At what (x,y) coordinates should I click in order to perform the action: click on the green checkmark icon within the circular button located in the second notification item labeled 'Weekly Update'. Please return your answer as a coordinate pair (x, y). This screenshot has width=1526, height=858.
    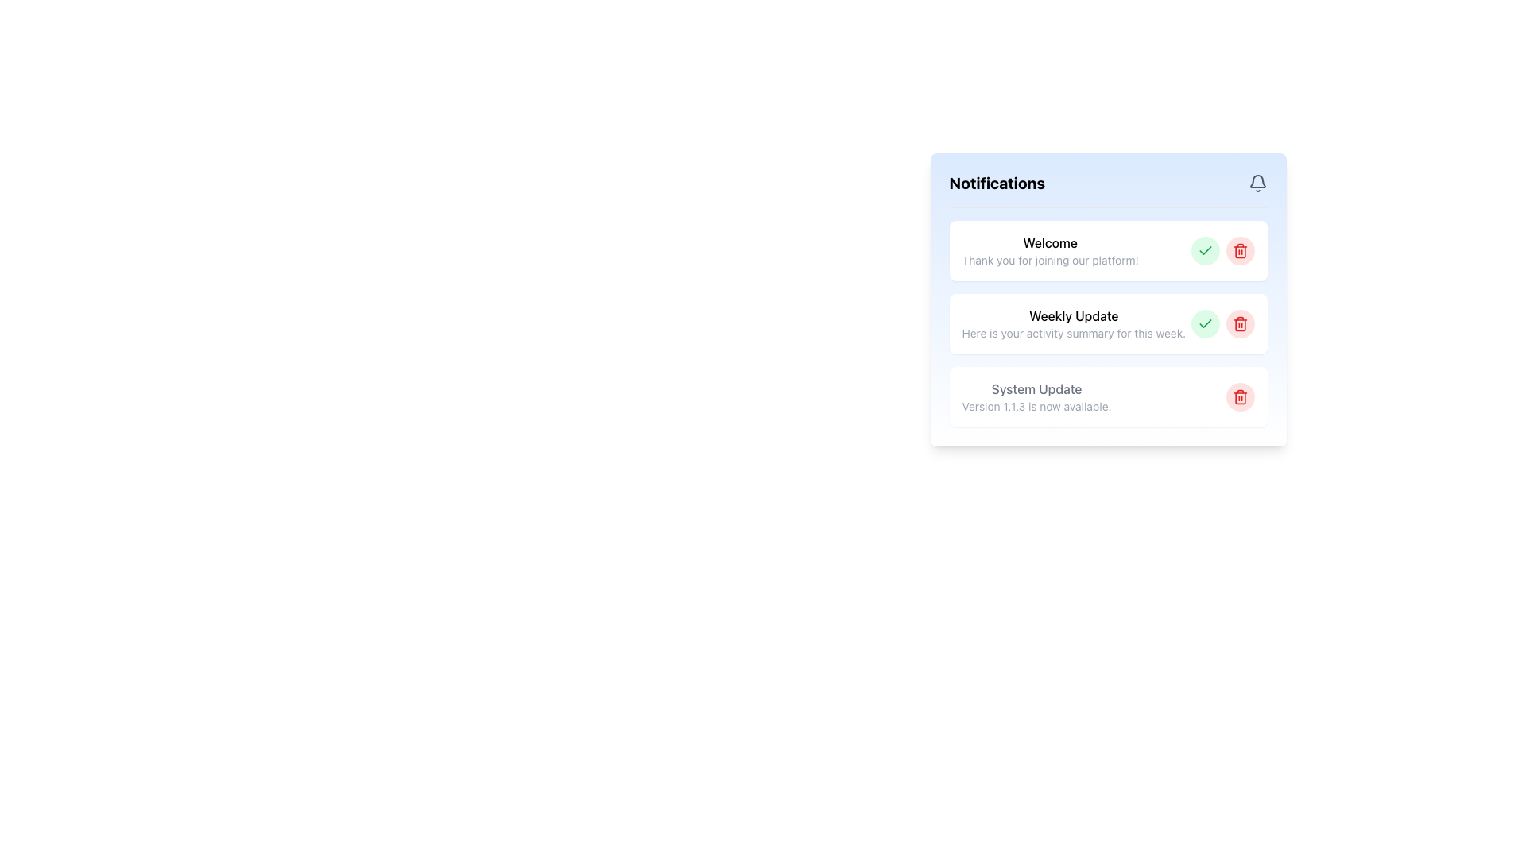
    Looking at the image, I should click on (1205, 323).